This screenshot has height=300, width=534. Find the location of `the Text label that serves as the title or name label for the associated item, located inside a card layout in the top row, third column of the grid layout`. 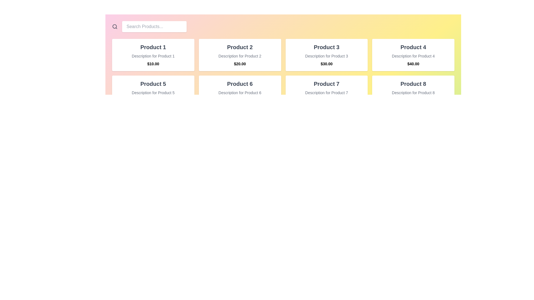

the Text label that serves as the title or name label for the associated item, located inside a card layout in the top row, third column of the grid layout is located at coordinates (327, 47).